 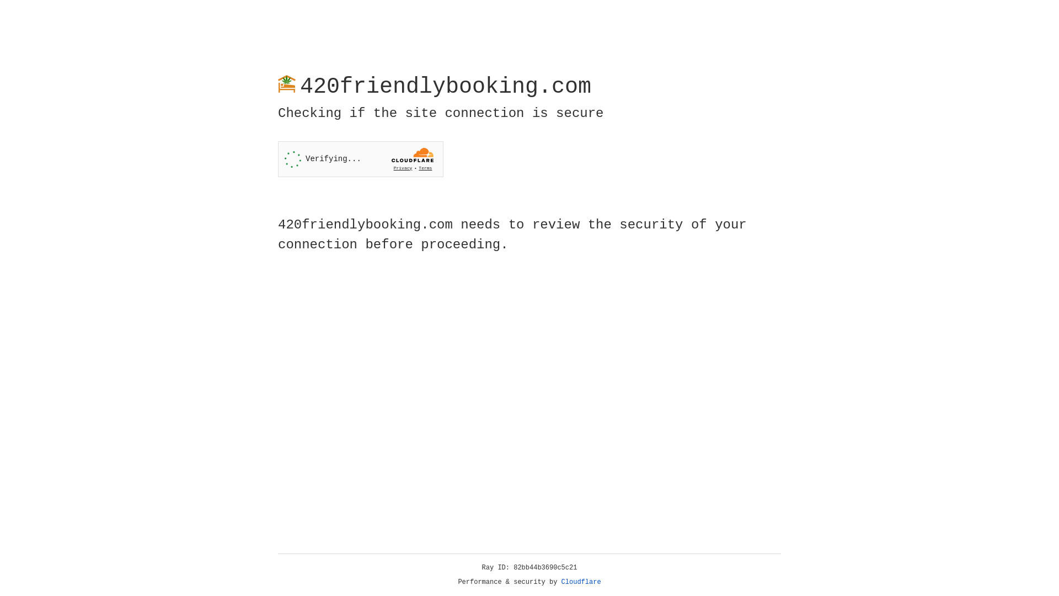 What do you see at coordinates (581, 582) in the screenshot?
I see `'Cloudflare'` at bounding box center [581, 582].